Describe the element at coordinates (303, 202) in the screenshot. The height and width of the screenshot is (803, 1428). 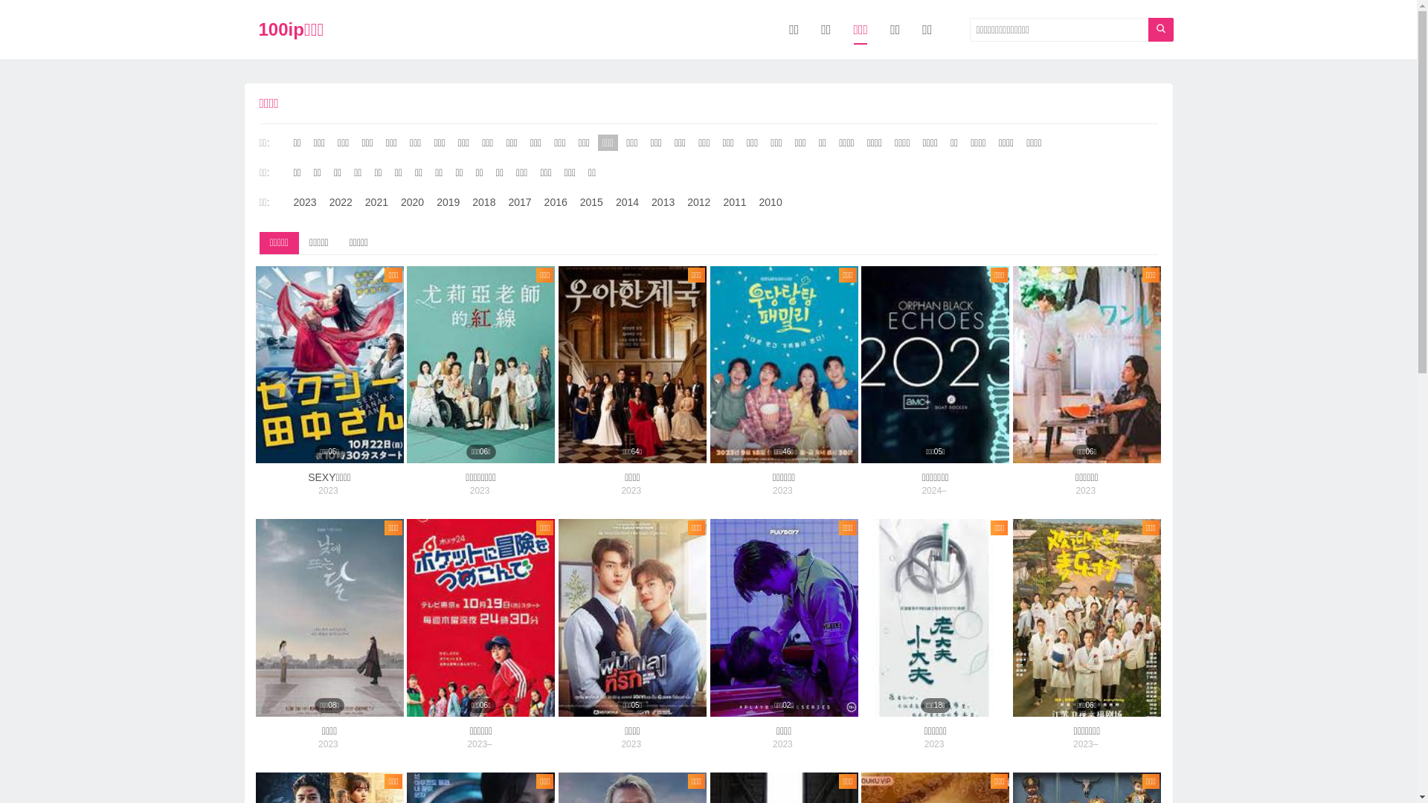
I see `'2023'` at that location.